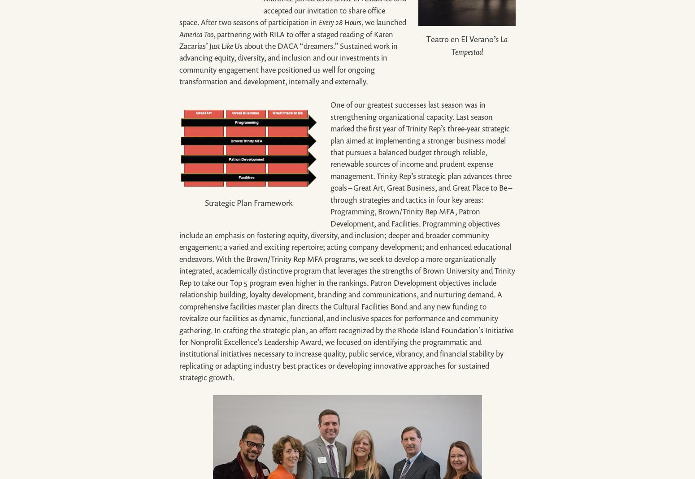 The height and width of the screenshot is (479, 695). I want to click on 'Teatro en El Verano’s', so click(426, 39).